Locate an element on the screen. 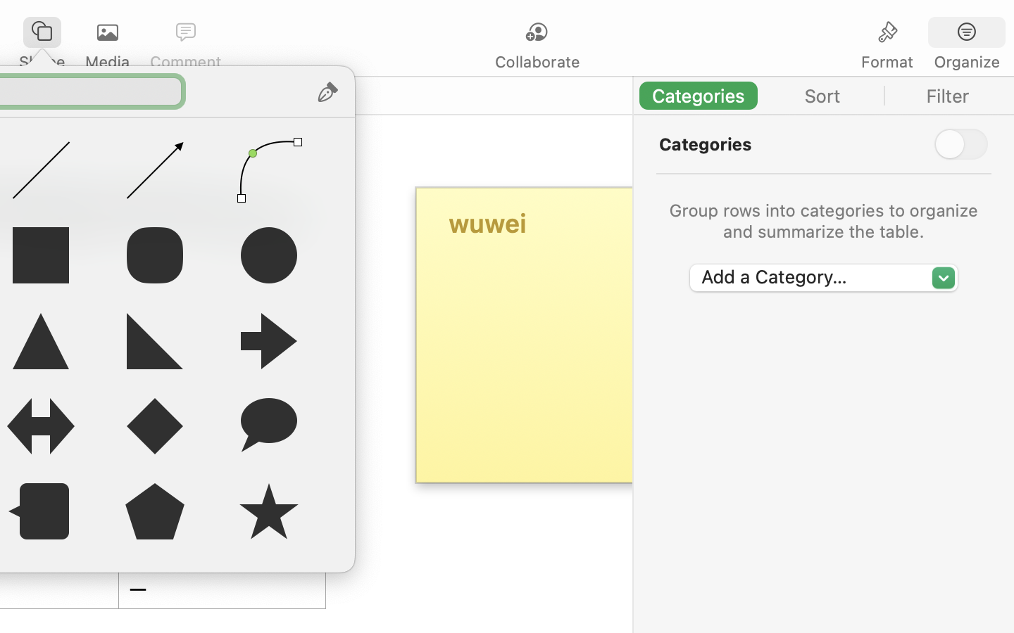  'Format' is located at coordinates (887, 61).